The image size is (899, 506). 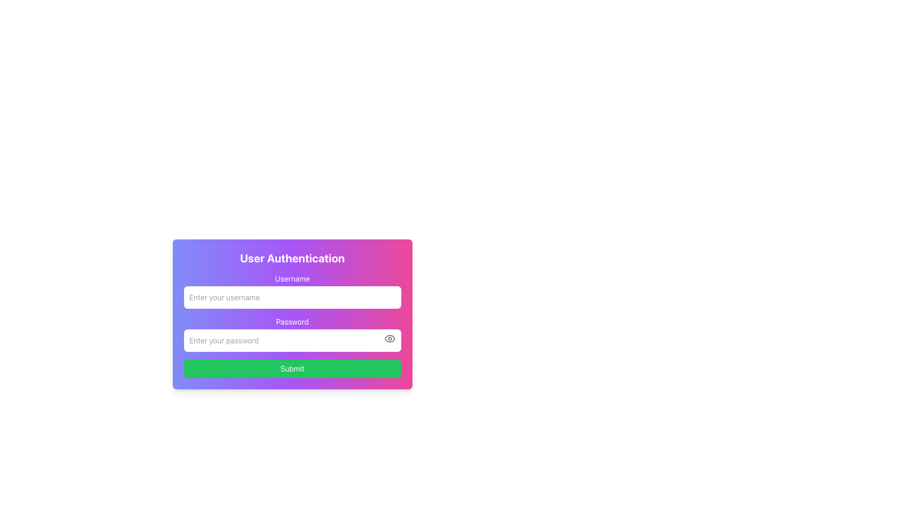 What do you see at coordinates (390, 338) in the screenshot?
I see `the small eye-shaped gray icon located at the far right inside the password entry area` at bounding box center [390, 338].